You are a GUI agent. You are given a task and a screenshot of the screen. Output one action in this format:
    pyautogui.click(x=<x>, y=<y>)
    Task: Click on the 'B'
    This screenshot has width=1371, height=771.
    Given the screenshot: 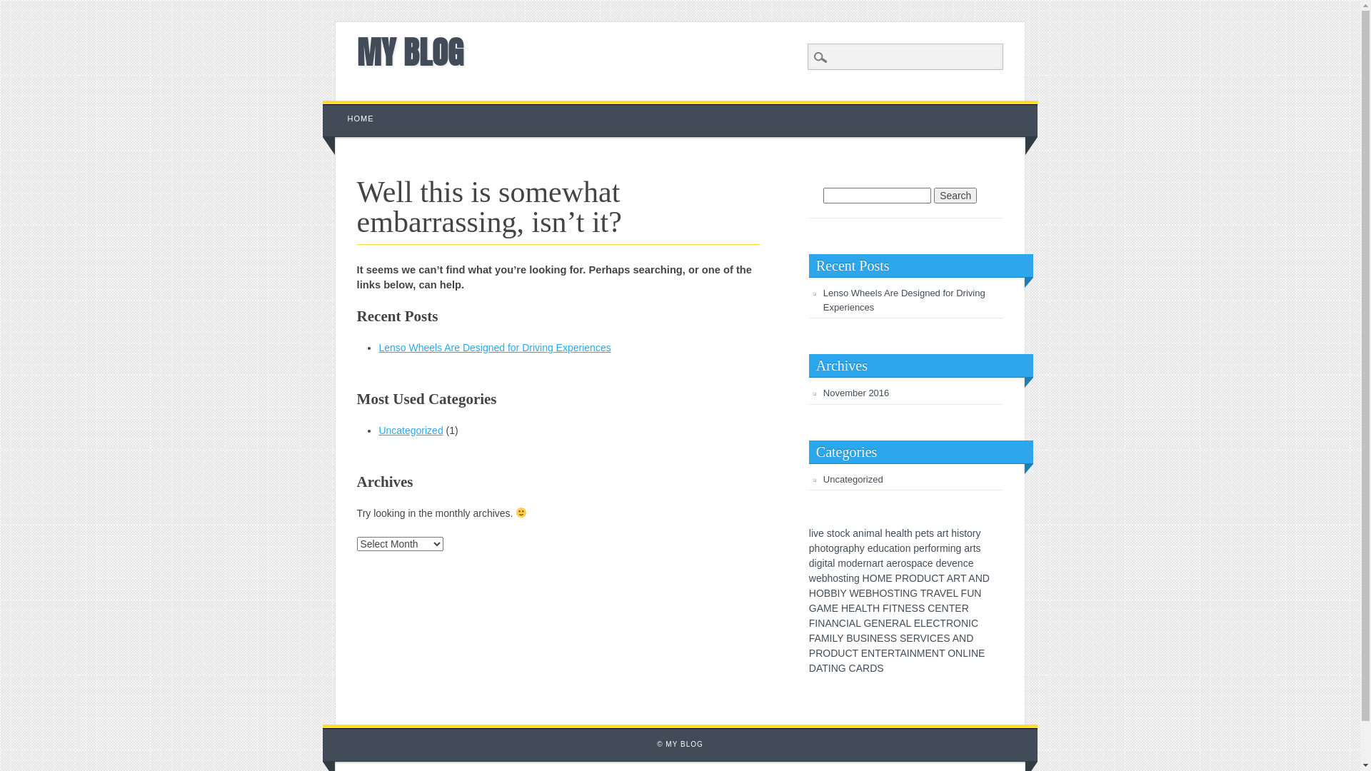 What is the action you would take?
    pyautogui.click(x=833, y=593)
    